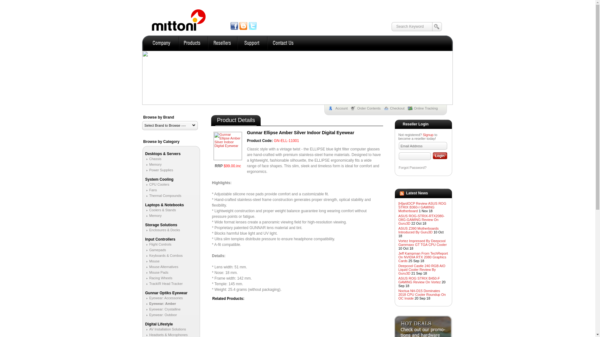 The width and height of the screenshot is (600, 337). I want to click on 'Gamepads', so click(155, 250).